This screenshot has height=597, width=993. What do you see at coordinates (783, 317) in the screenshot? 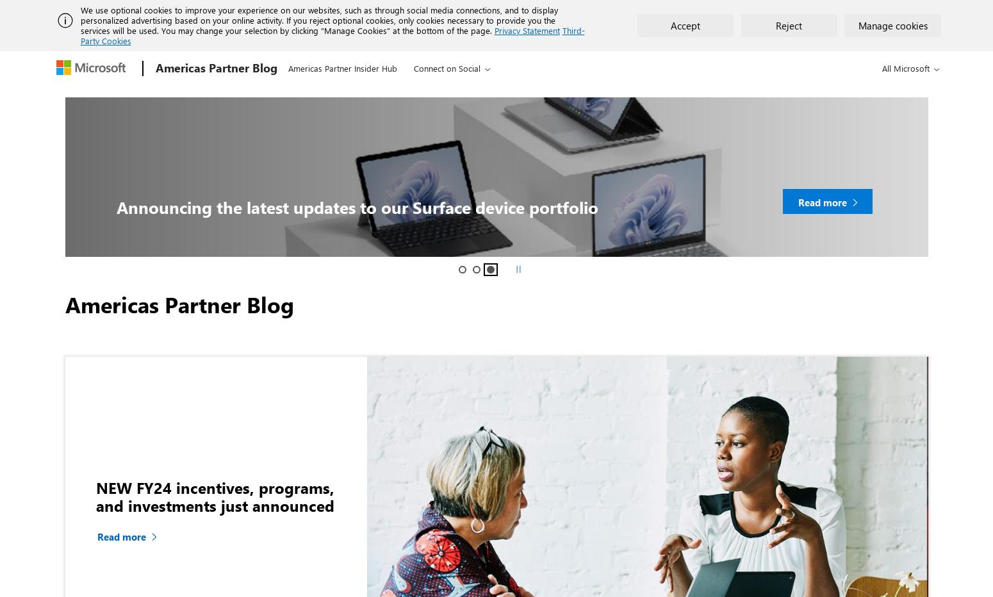
I see `'Partner Audience: CSP, ISV'` at bounding box center [783, 317].